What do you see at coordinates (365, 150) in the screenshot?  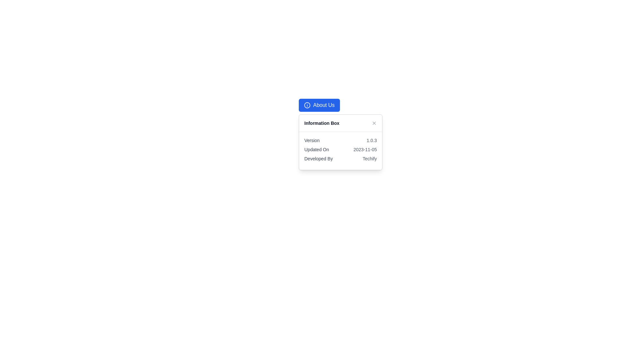 I see `the date text '2023-11-05' styled in a smaller gray font, located within the 'Information Box' card, next to 'Updated On'` at bounding box center [365, 150].